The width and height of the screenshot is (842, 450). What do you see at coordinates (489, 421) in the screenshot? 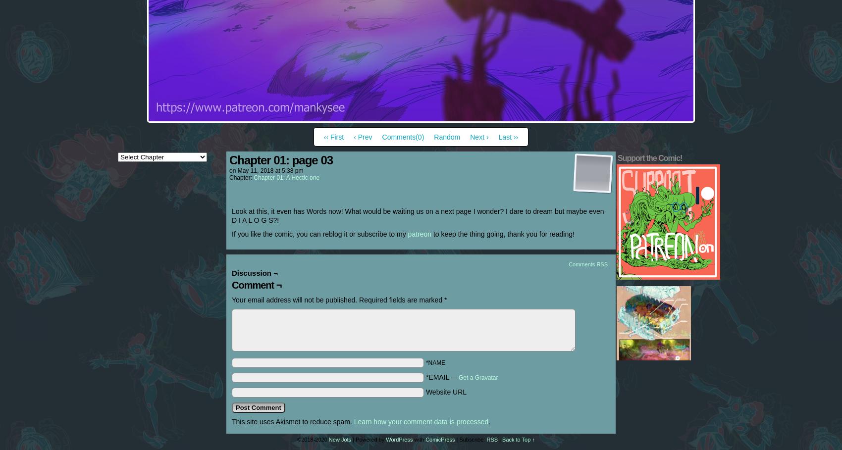
I see `'.'` at bounding box center [489, 421].